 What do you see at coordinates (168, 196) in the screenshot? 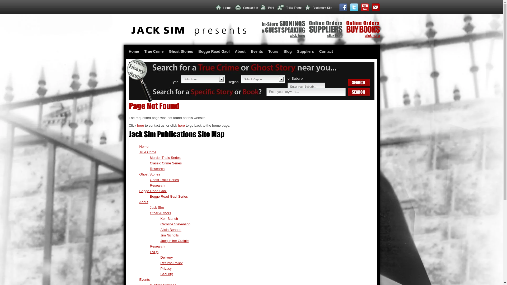
I see `'Boggo Road Gaol Series'` at bounding box center [168, 196].